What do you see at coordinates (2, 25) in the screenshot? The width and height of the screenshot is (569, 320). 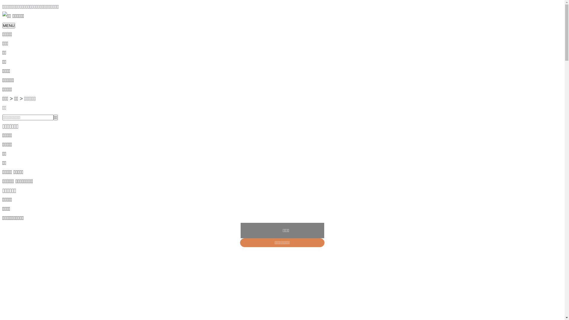 I see `'MENU'` at bounding box center [2, 25].